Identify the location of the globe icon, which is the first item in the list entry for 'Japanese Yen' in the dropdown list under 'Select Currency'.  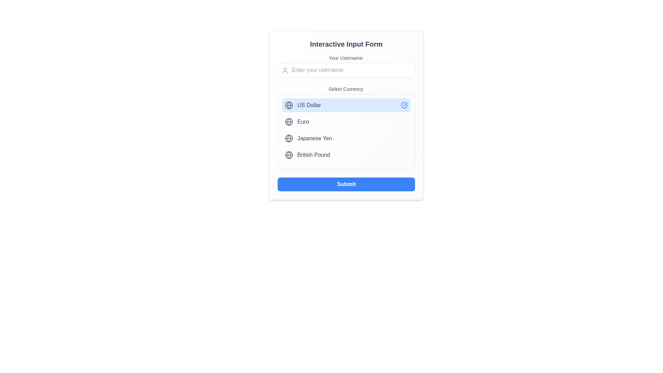
(289, 138).